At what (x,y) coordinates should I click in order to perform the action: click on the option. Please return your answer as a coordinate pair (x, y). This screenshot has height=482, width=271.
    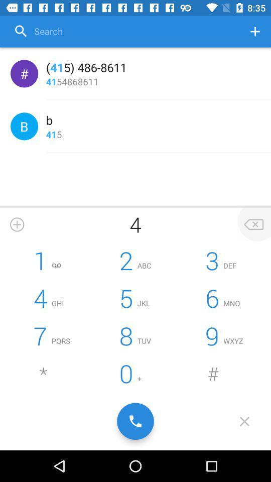
    Looking at the image, I should click on (253, 224).